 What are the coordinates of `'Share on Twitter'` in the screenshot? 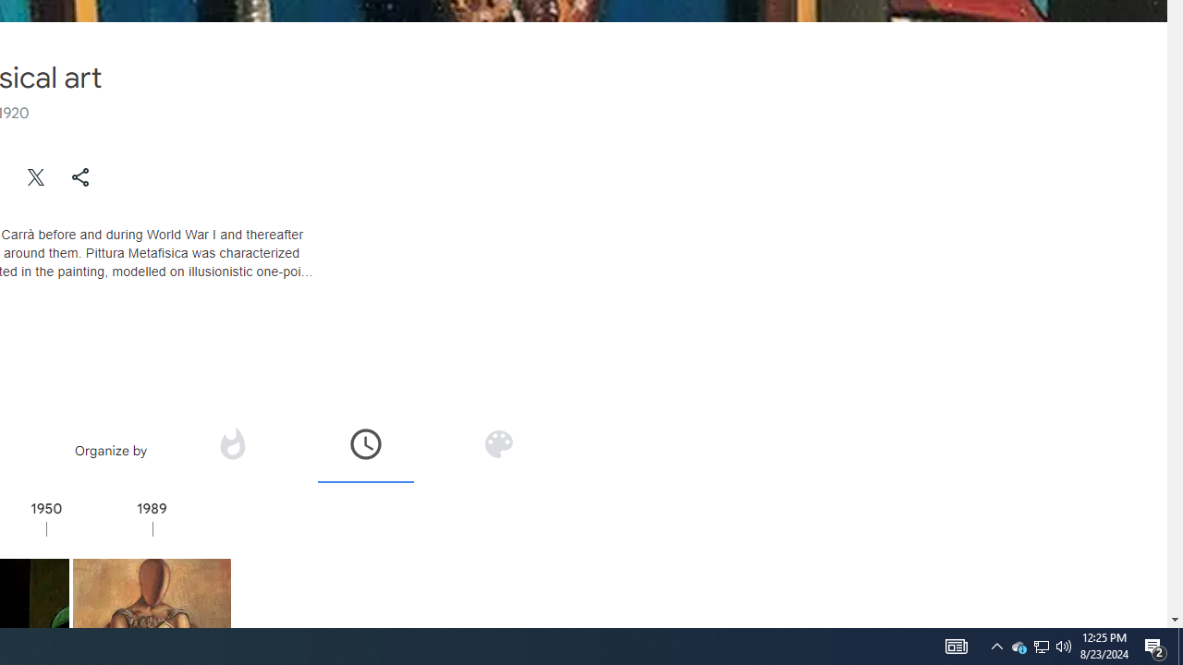 It's located at (36, 176).